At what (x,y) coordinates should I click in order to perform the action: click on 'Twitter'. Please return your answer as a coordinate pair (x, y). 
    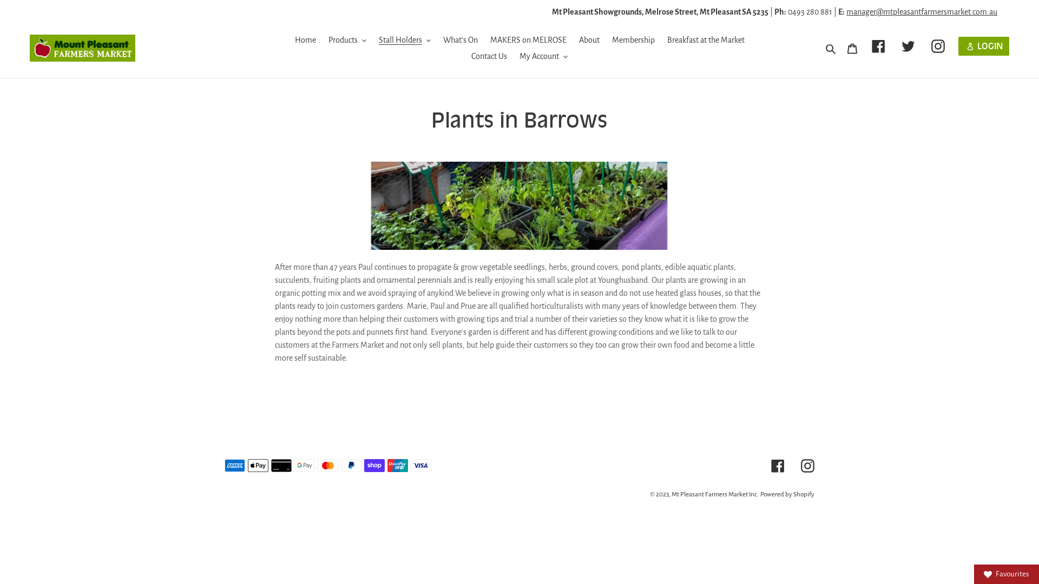
    Looking at the image, I should click on (908, 45).